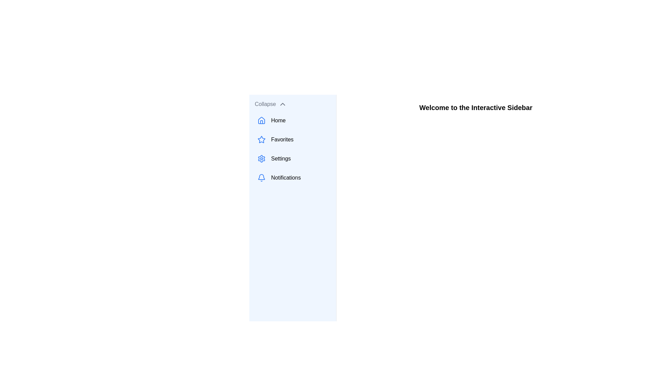 This screenshot has width=654, height=368. Describe the element at coordinates (278, 120) in the screenshot. I see `the 'Home' text label in bold black font` at that location.